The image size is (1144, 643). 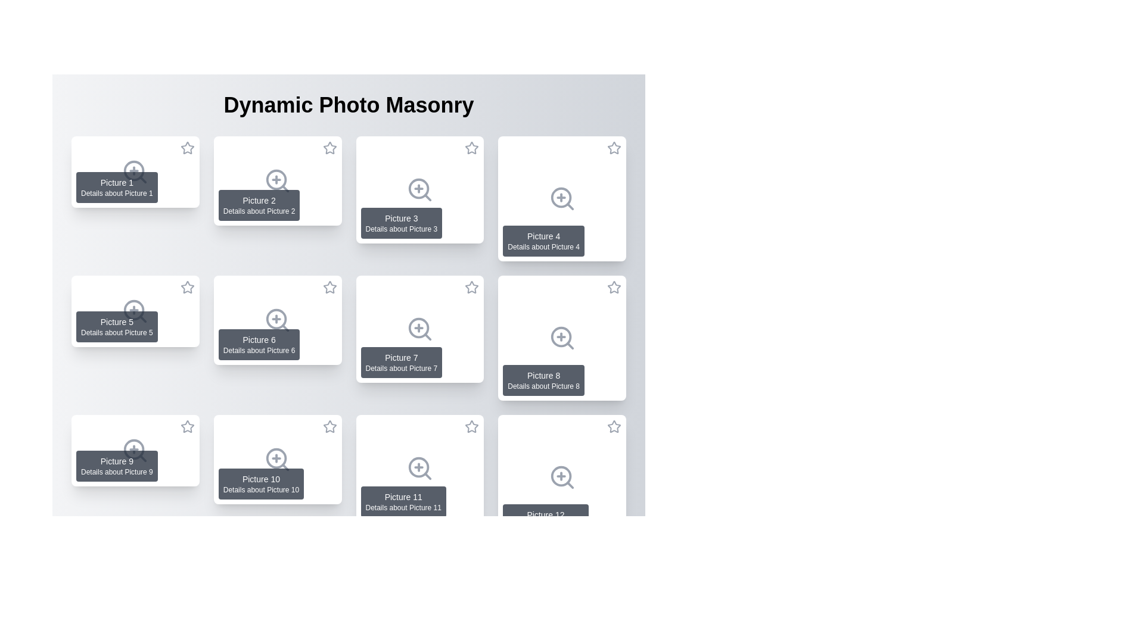 I want to click on the zoom-in icon located above the dark gray bar containing the text 'Details about Picture 6' in the grid layout, which is in the second row and second column, so click(x=277, y=319).